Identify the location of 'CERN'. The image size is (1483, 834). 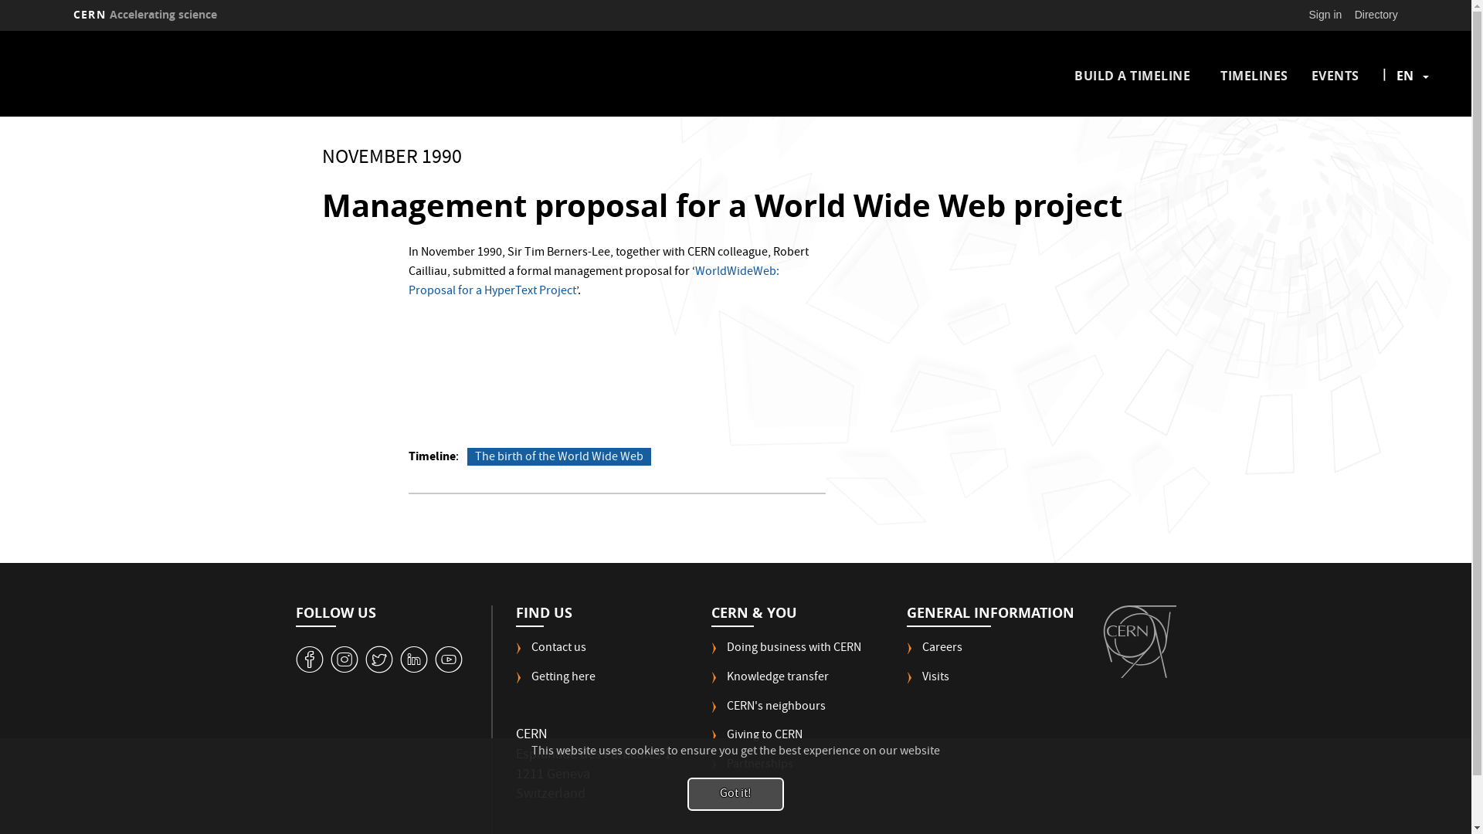
(1139, 641).